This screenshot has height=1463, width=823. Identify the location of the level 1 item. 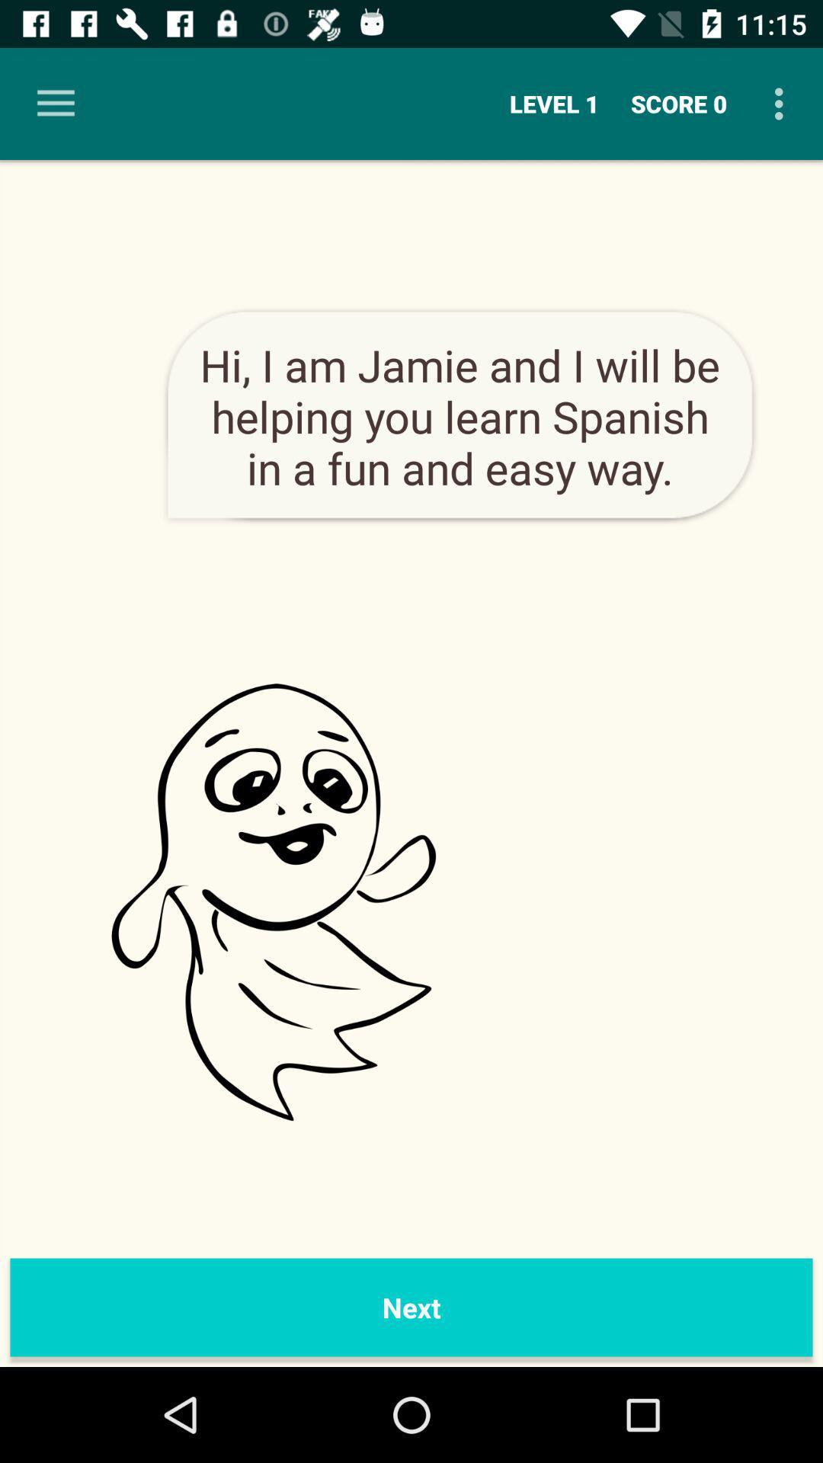
(554, 103).